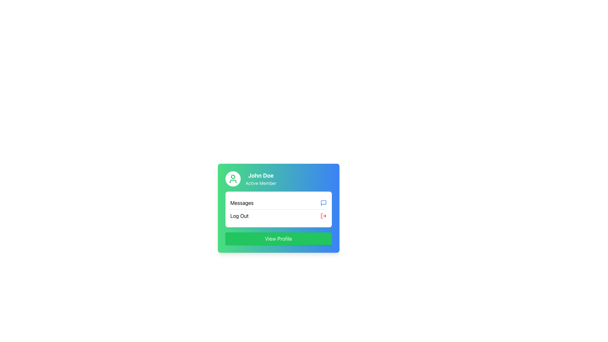  Describe the element at coordinates (261, 183) in the screenshot. I see `the Text Label that indicates the membership status of the user, located in the user card panel under the name 'John Doe'` at that location.